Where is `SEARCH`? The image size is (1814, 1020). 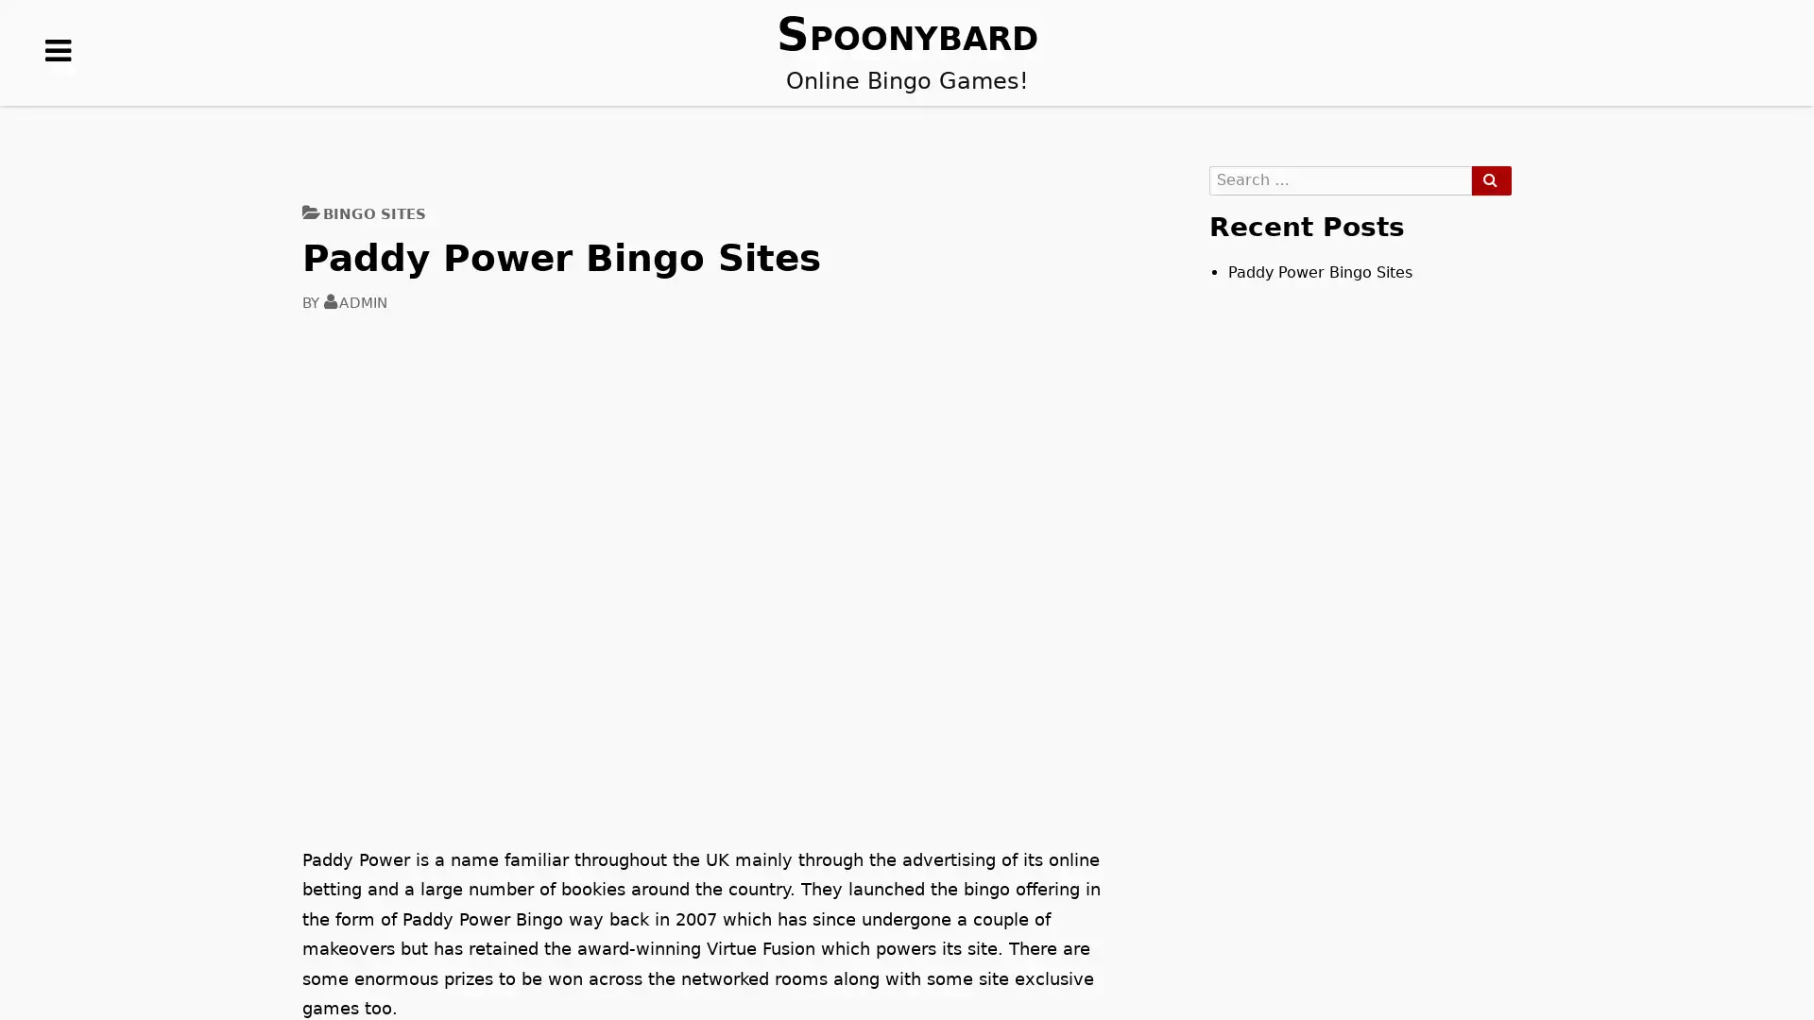 SEARCH is located at coordinates (1490, 180).